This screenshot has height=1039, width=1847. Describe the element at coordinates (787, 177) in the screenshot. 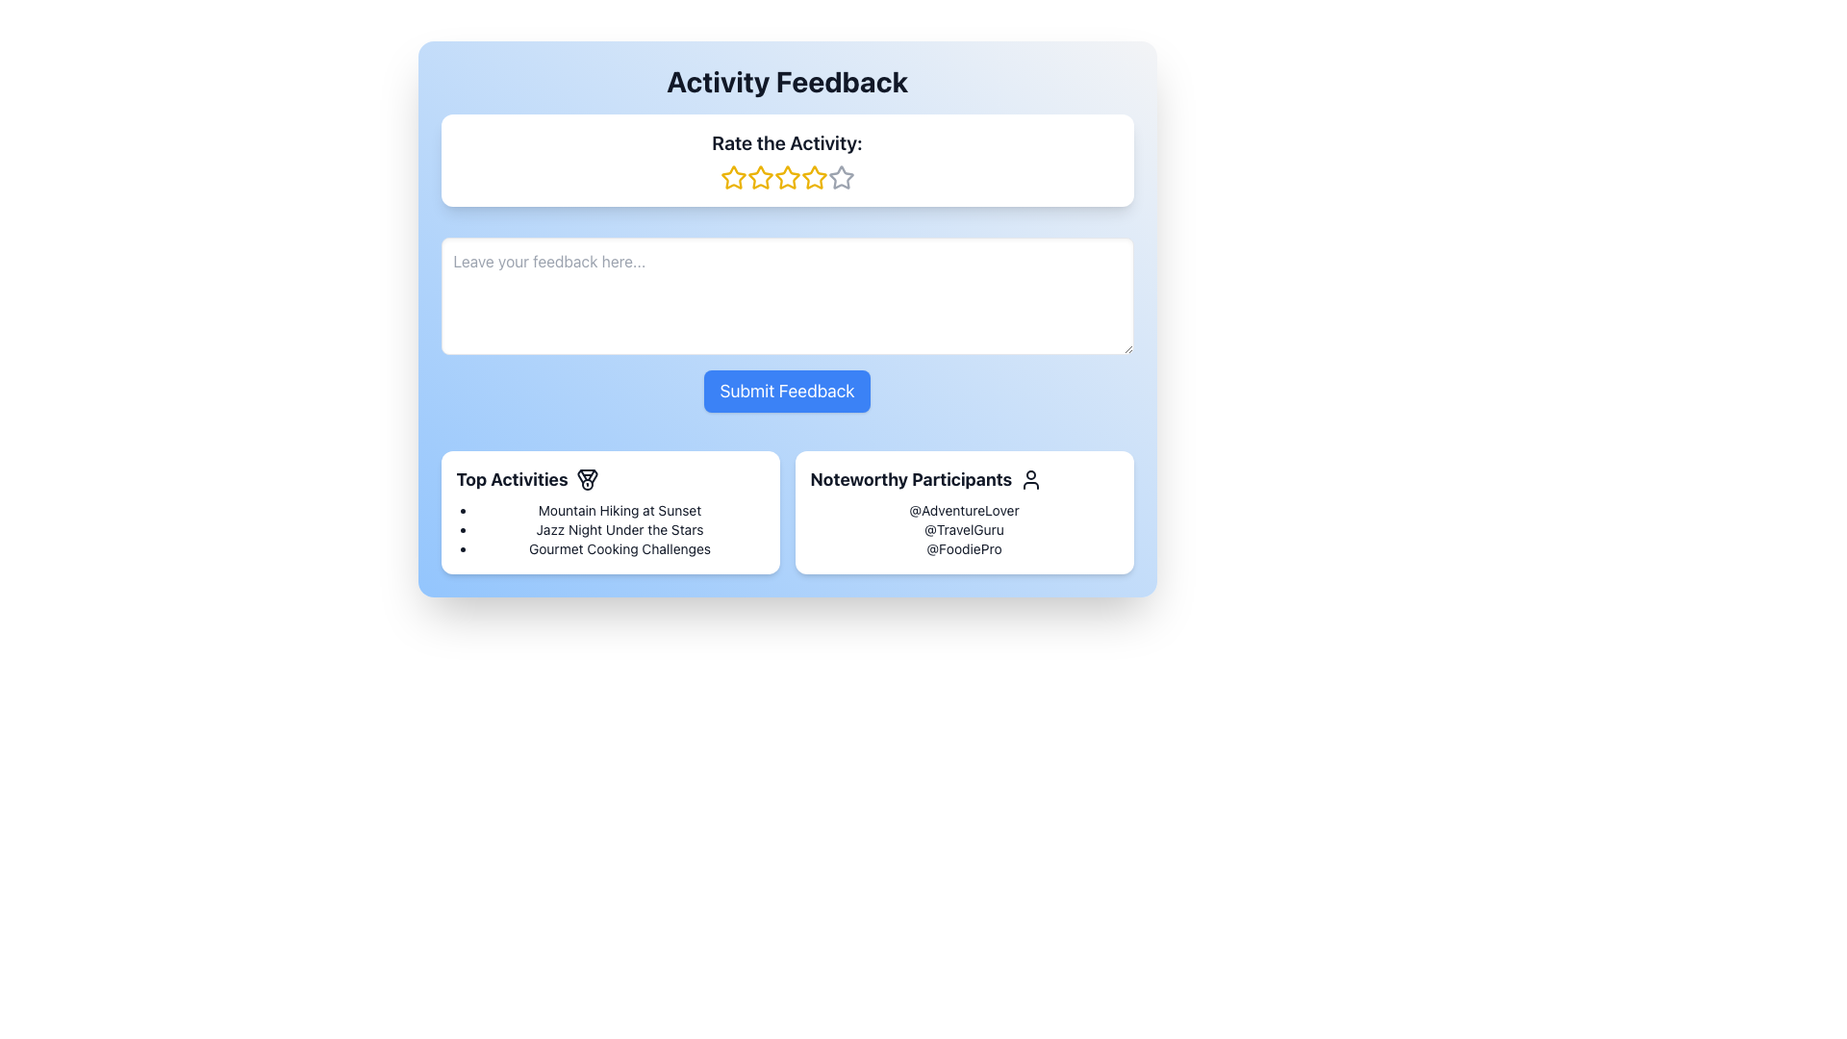

I see `the third yellow star icon` at that location.